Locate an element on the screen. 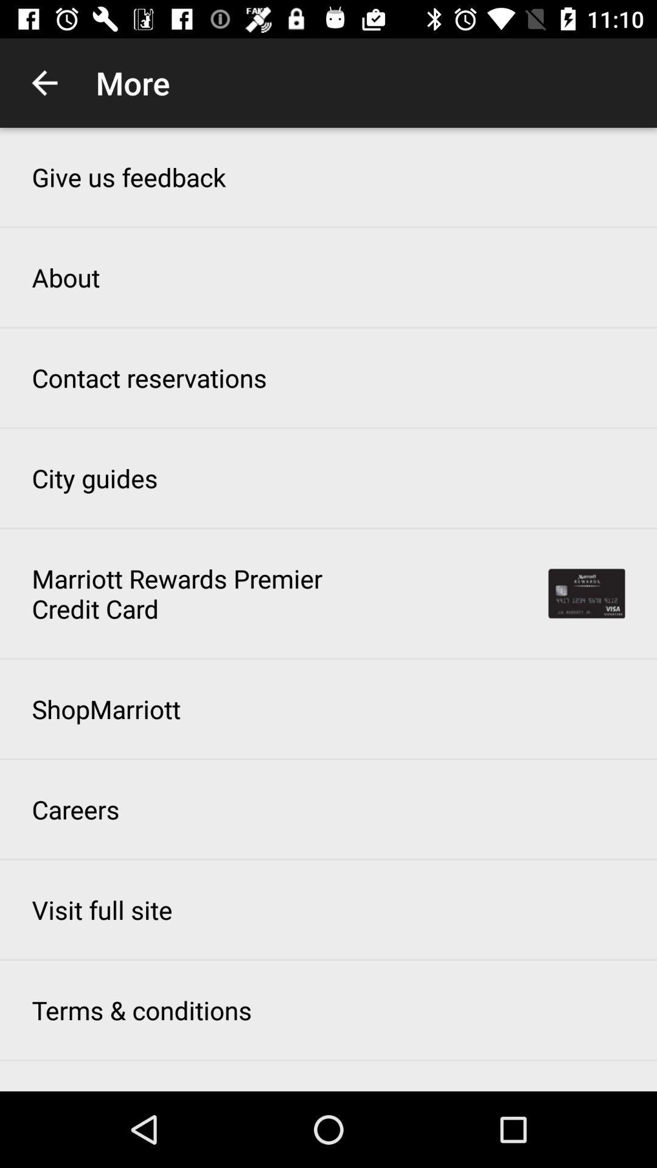  the city guides item is located at coordinates (94, 478).